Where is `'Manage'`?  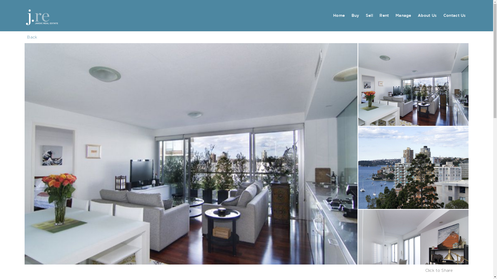 'Manage' is located at coordinates (403, 15).